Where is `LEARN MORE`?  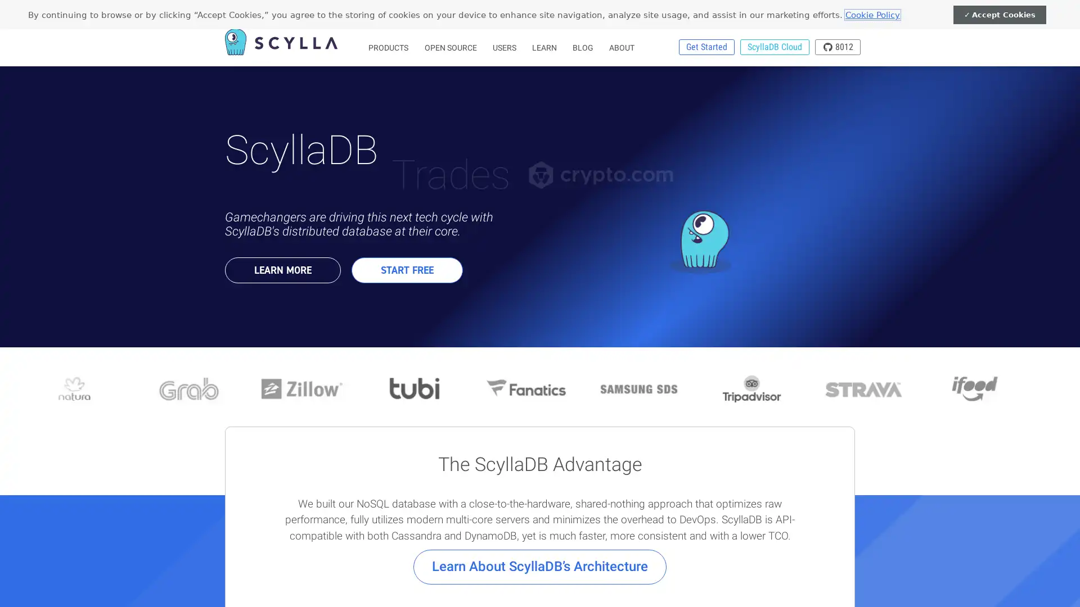
LEARN MORE is located at coordinates (283, 270).